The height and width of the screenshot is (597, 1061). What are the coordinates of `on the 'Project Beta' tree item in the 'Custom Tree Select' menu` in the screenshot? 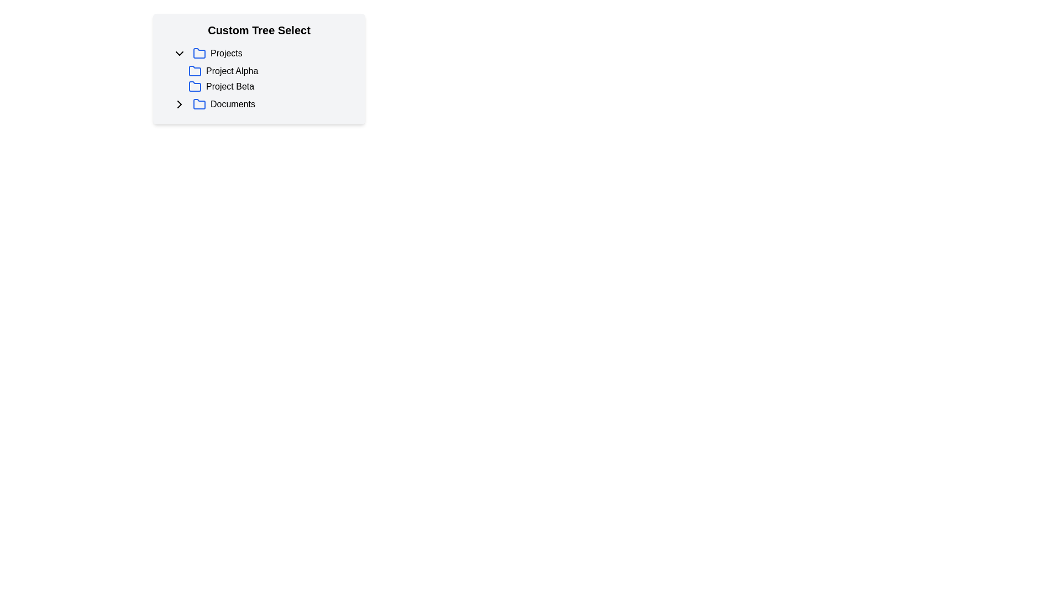 It's located at (272, 78).